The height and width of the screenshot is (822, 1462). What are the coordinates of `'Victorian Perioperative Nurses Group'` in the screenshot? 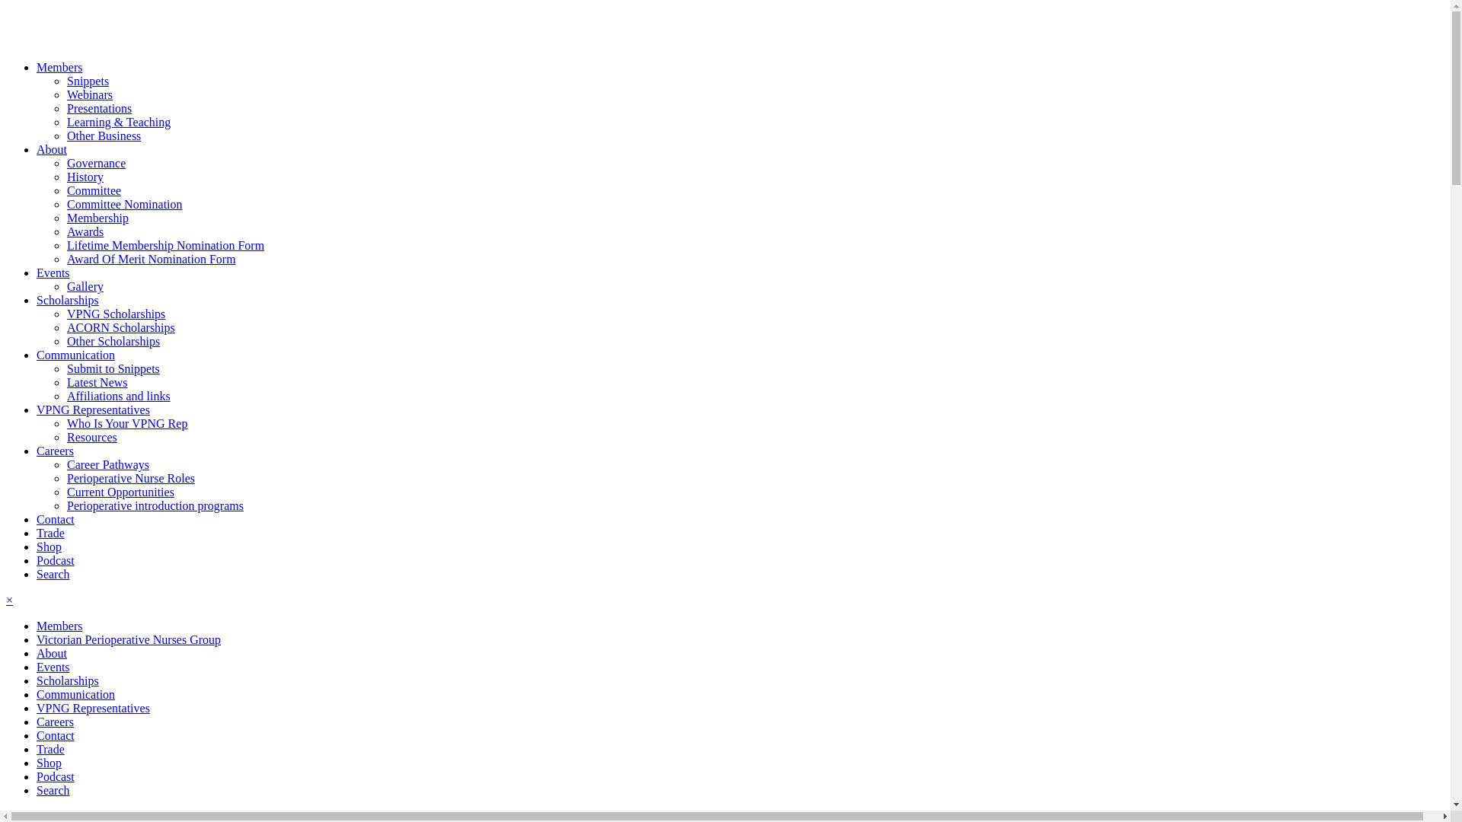 It's located at (37, 639).